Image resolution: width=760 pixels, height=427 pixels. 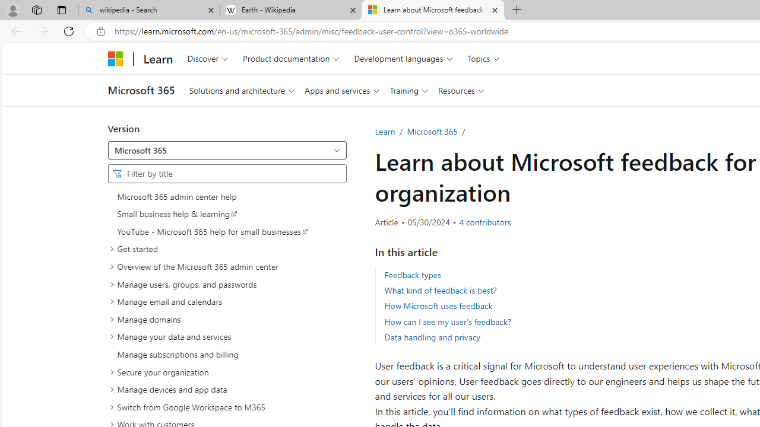 I want to click on 'Topics', so click(x=484, y=58).